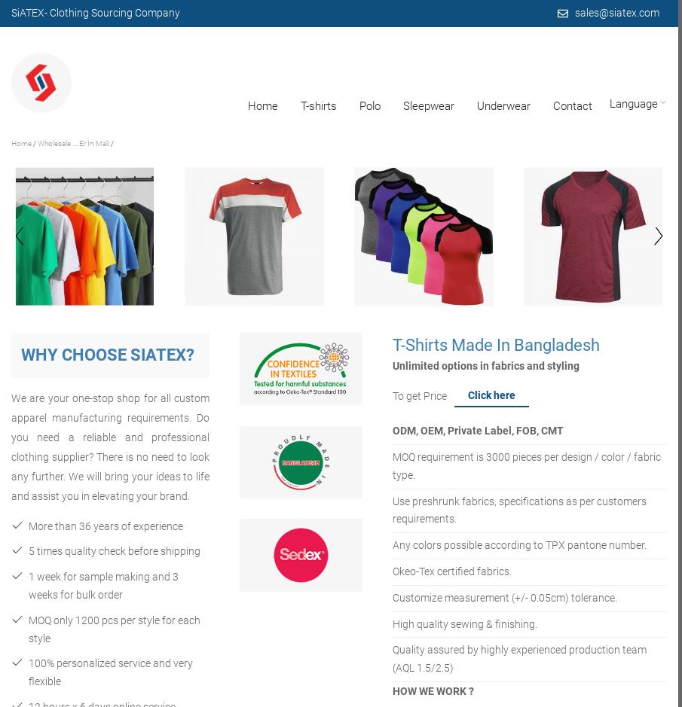  Describe the element at coordinates (27, 12) in the screenshot. I see `'SiATEX'` at that location.